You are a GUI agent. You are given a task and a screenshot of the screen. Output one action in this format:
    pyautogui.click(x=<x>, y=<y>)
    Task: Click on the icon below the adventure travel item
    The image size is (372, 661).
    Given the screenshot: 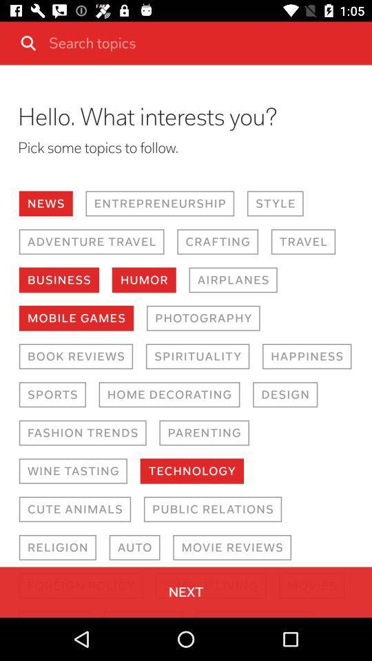 What is the action you would take?
    pyautogui.click(x=58, y=279)
    